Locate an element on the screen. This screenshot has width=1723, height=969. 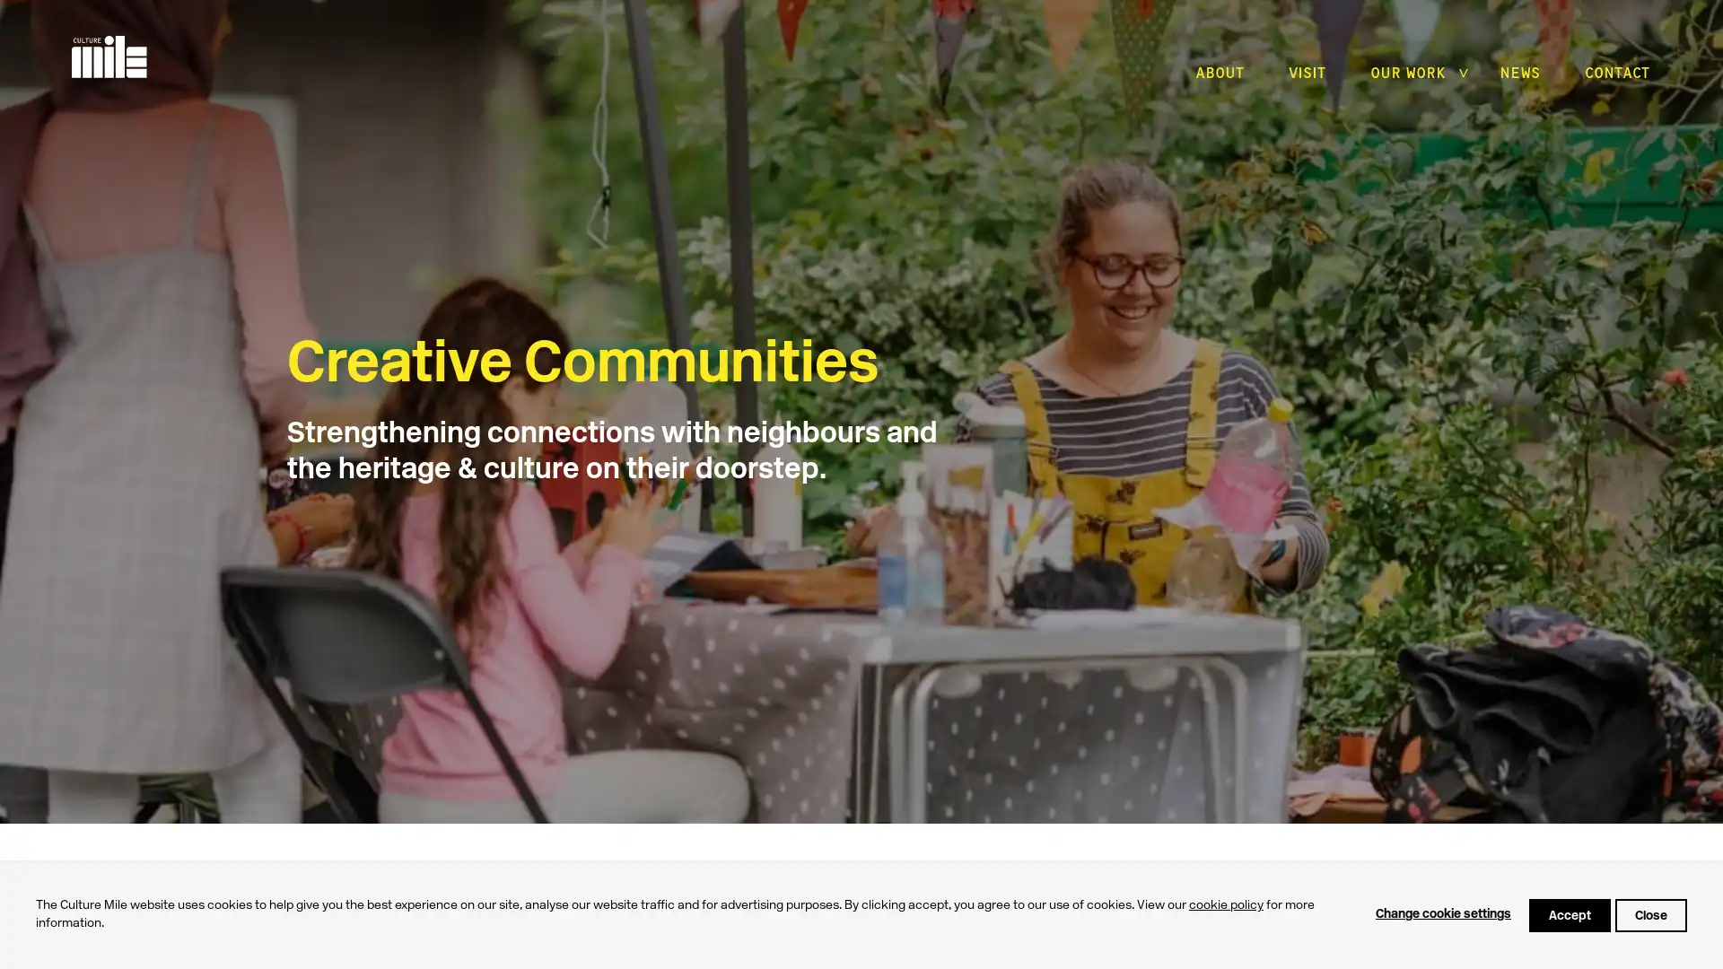
Accept is located at coordinates (1569, 914).